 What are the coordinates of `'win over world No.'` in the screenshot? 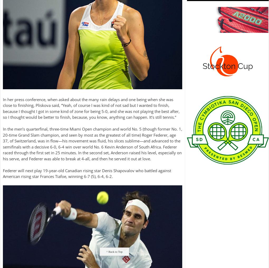 It's located at (83, 146).